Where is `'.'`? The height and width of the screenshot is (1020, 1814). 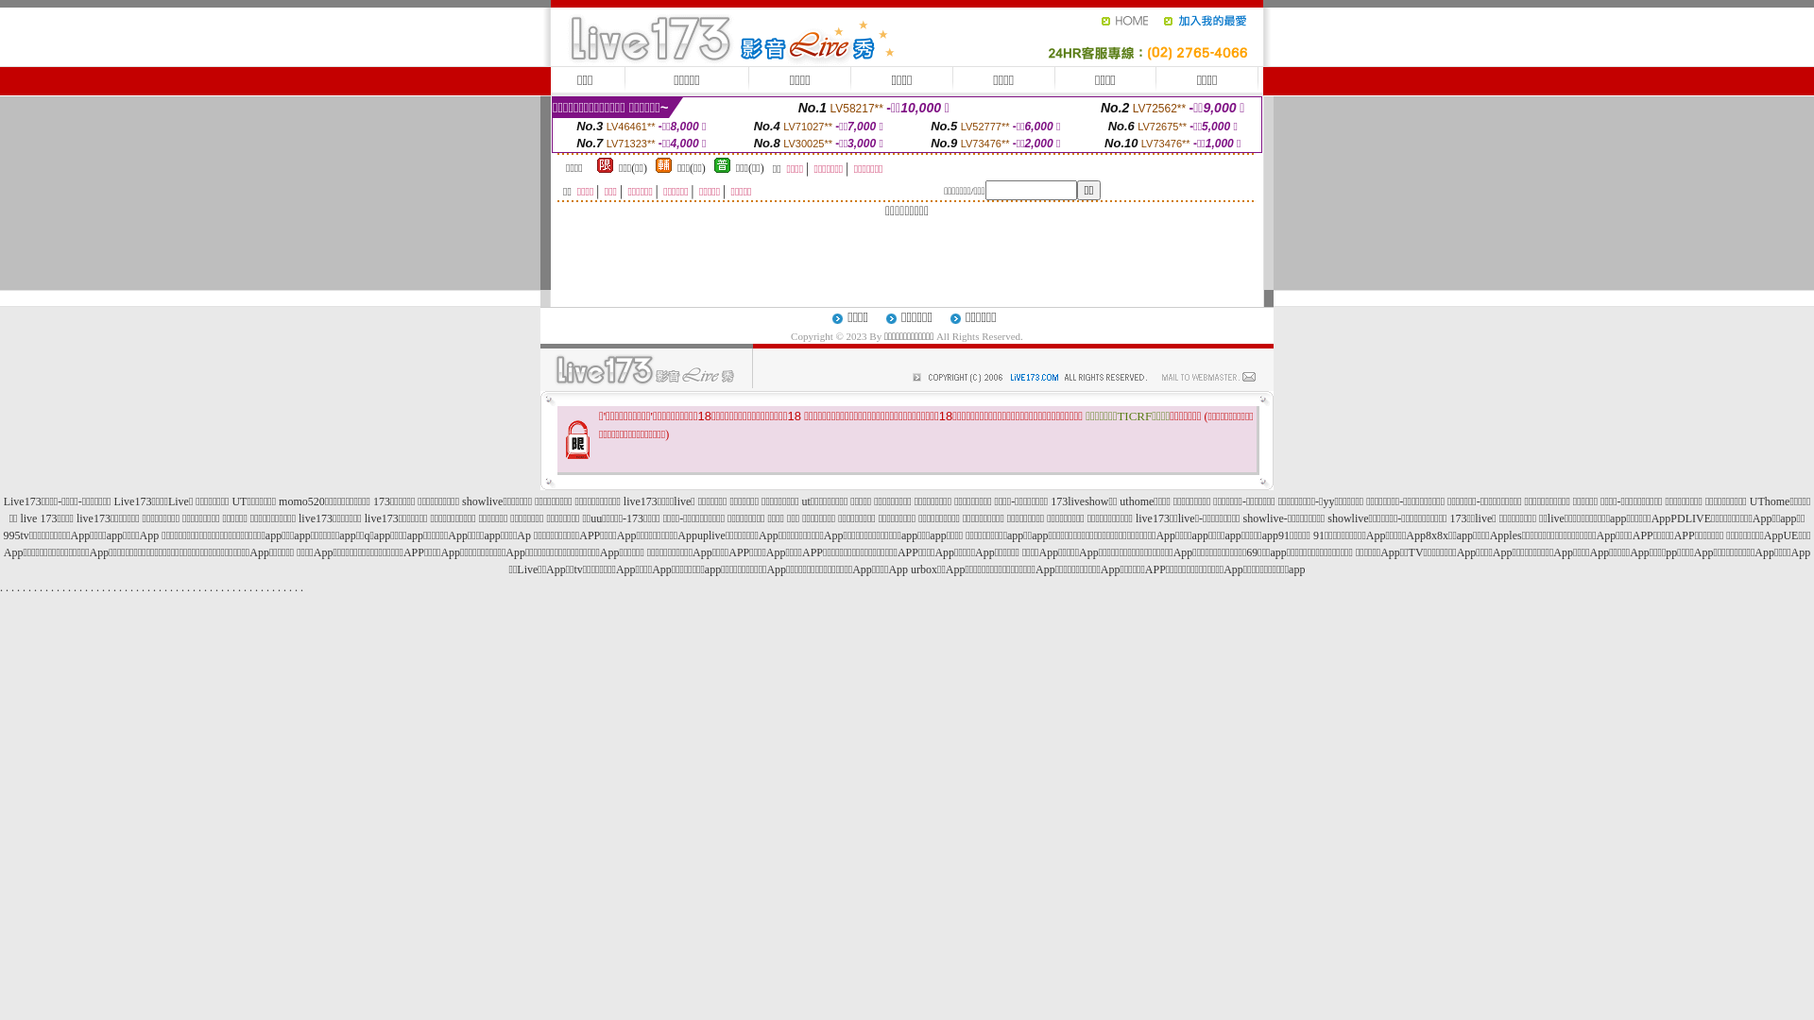 '.' is located at coordinates (119, 586).